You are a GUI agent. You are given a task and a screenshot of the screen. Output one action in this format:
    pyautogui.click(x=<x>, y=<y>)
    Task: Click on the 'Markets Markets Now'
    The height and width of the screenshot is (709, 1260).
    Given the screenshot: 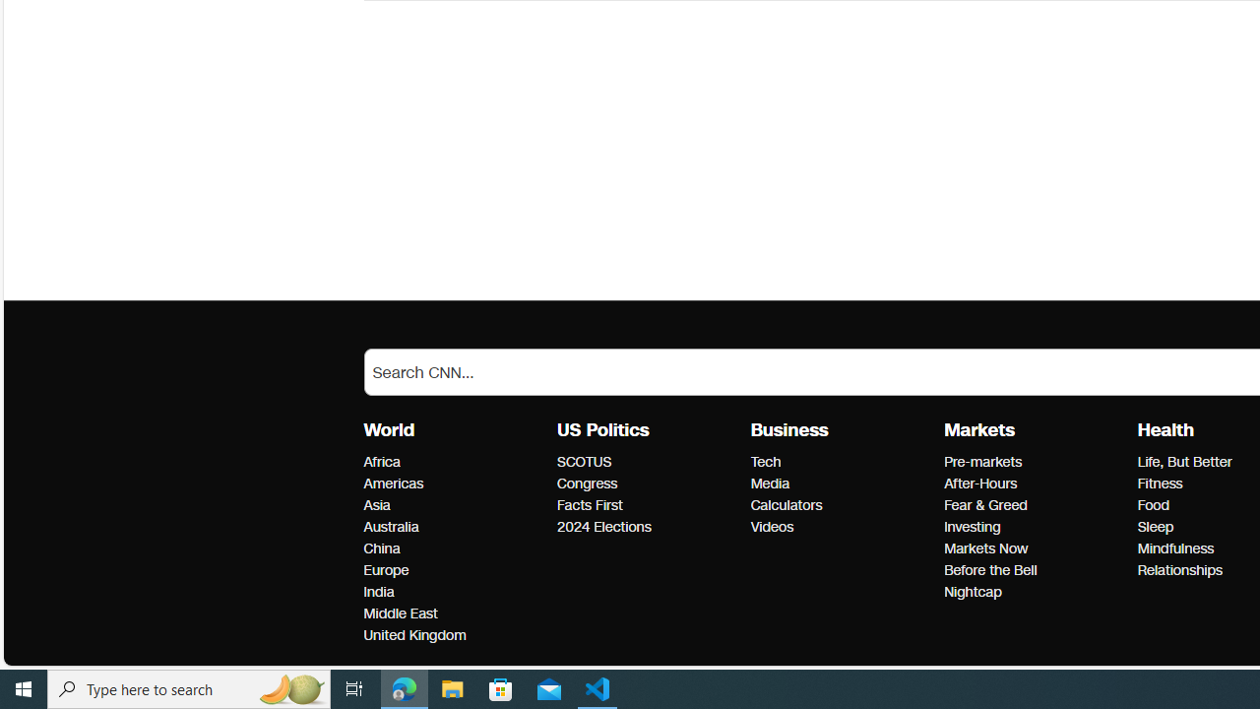 What is the action you would take?
    pyautogui.click(x=985, y=548)
    